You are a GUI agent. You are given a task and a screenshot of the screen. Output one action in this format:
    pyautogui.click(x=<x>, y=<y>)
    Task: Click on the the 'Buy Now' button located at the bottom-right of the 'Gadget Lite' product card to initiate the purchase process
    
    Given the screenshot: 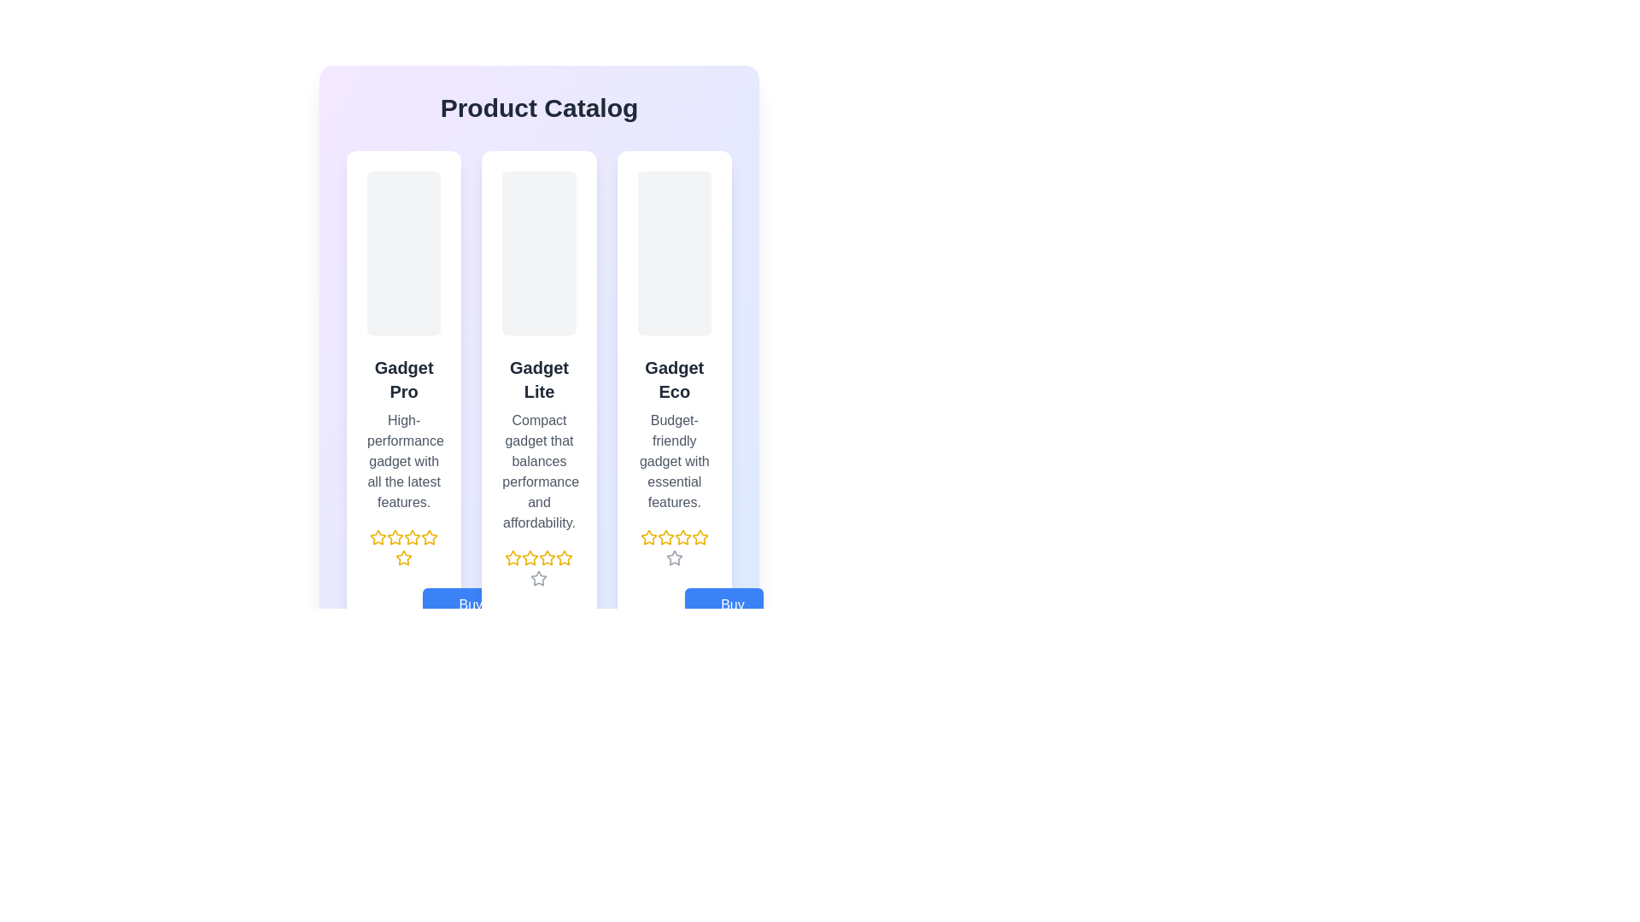 What is the action you would take?
    pyautogui.click(x=538, y=635)
    